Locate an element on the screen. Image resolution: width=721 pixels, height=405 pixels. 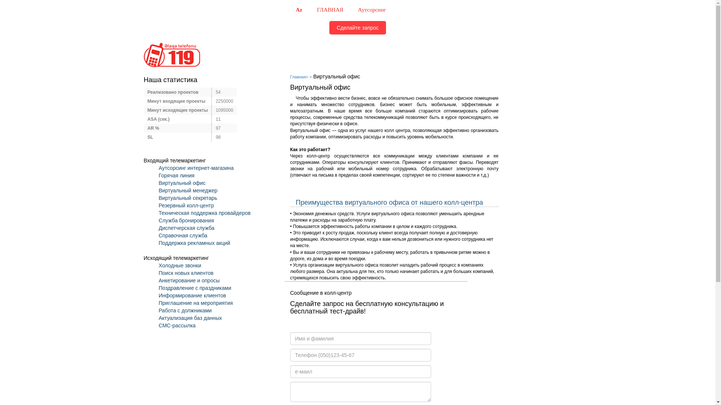
'Az' is located at coordinates (299, 10).